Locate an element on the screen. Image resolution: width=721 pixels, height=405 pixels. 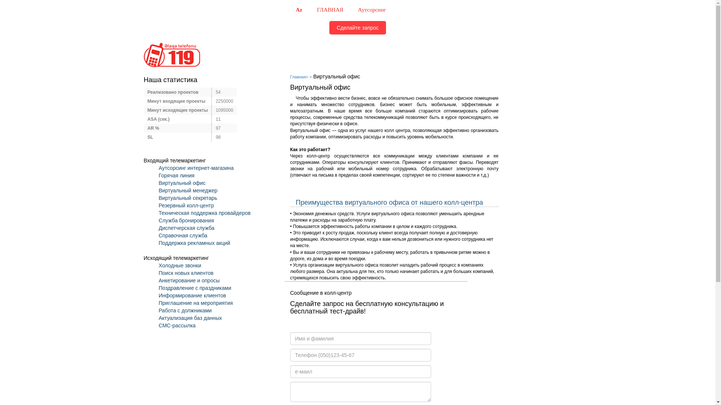
'Az' is located at coordinates (299, 10).